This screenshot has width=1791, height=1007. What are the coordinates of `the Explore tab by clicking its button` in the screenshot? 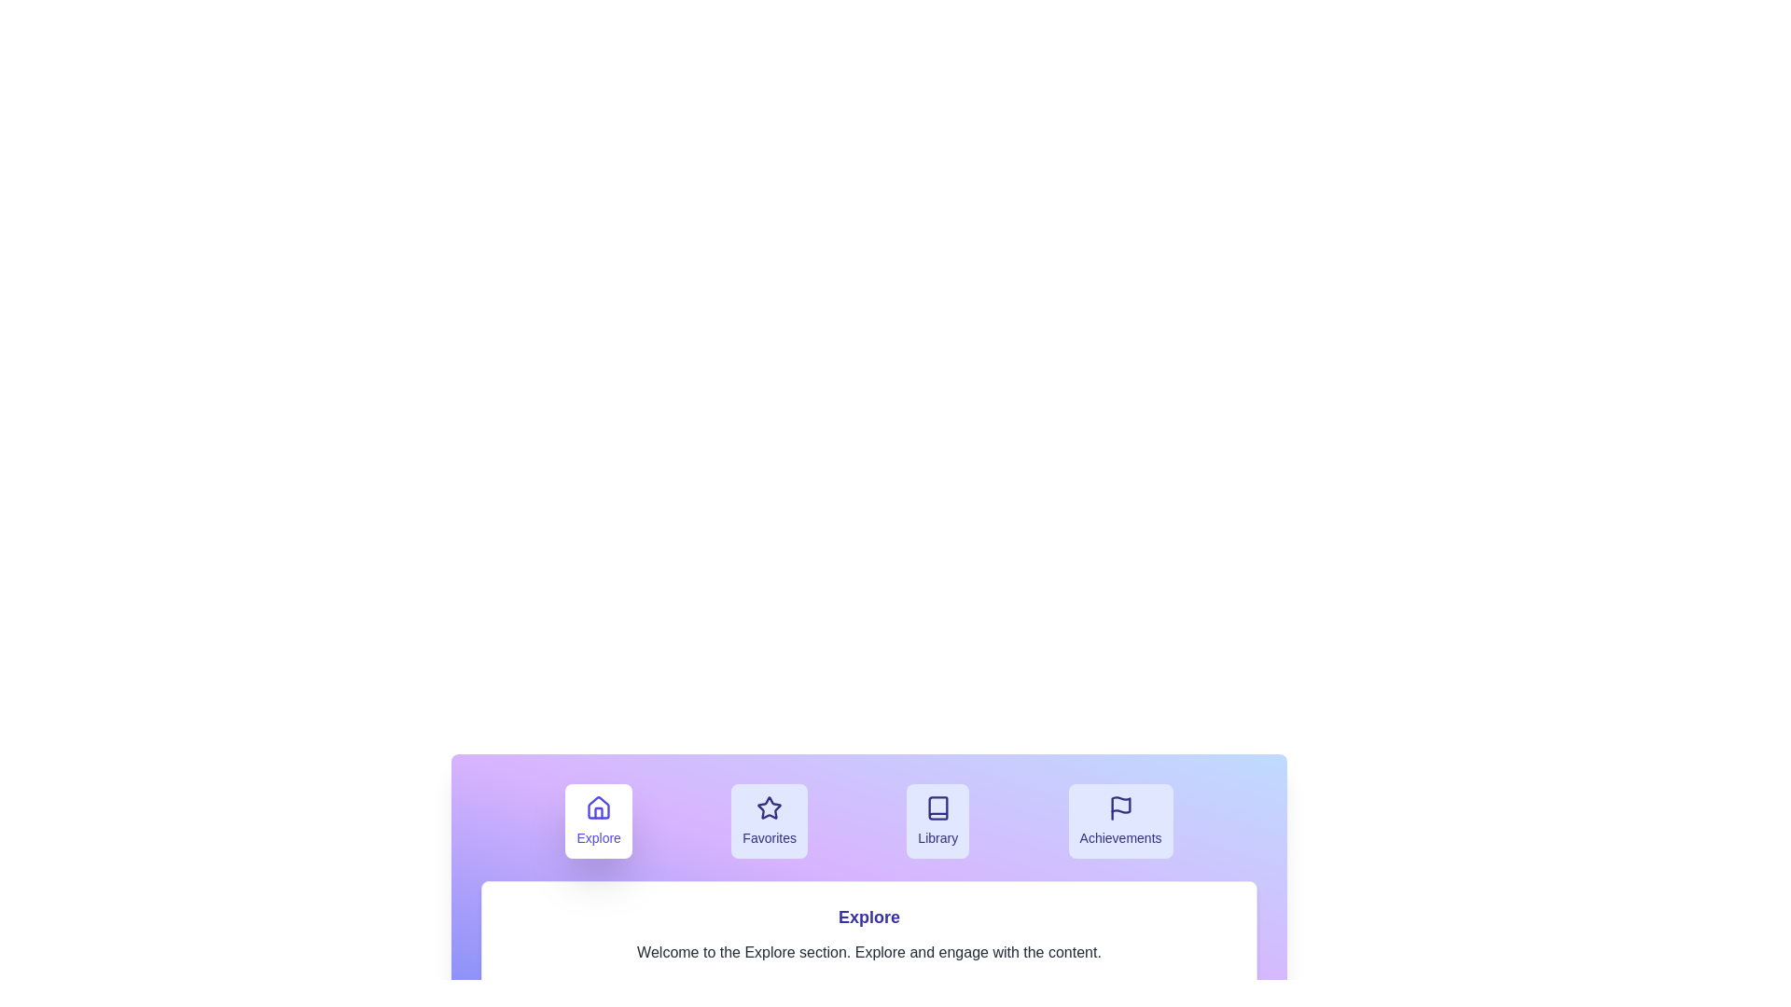 It's located at (599, 820).